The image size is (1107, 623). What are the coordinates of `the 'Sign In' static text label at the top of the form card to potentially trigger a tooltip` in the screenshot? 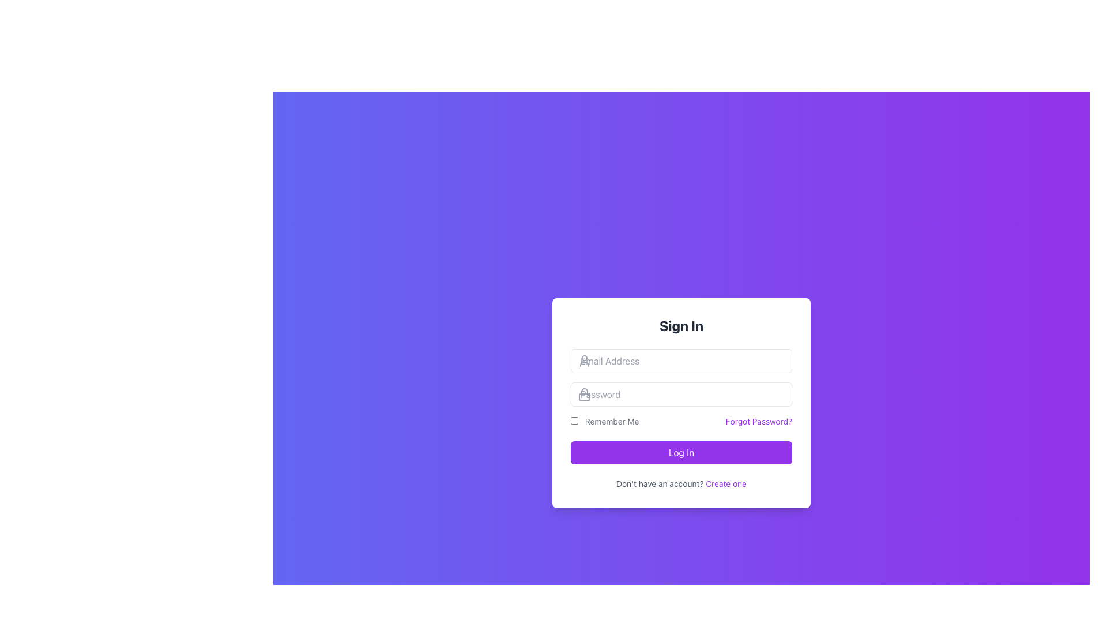 It's located at (681, 325).